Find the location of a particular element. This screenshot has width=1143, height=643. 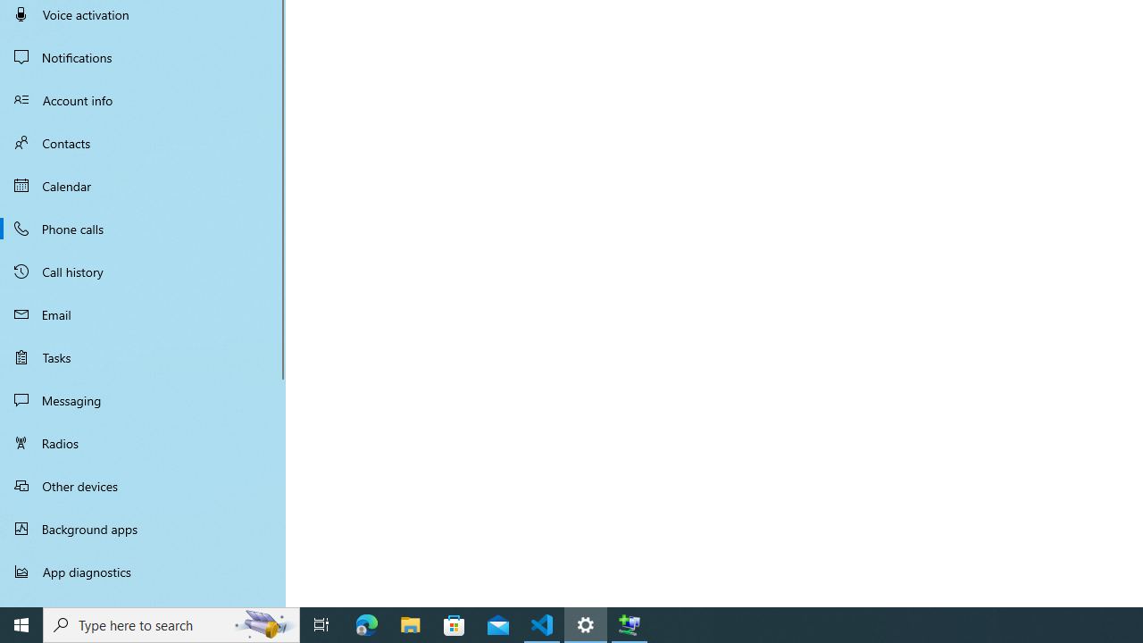

'Calendar' is located at coordinates (143, 186).